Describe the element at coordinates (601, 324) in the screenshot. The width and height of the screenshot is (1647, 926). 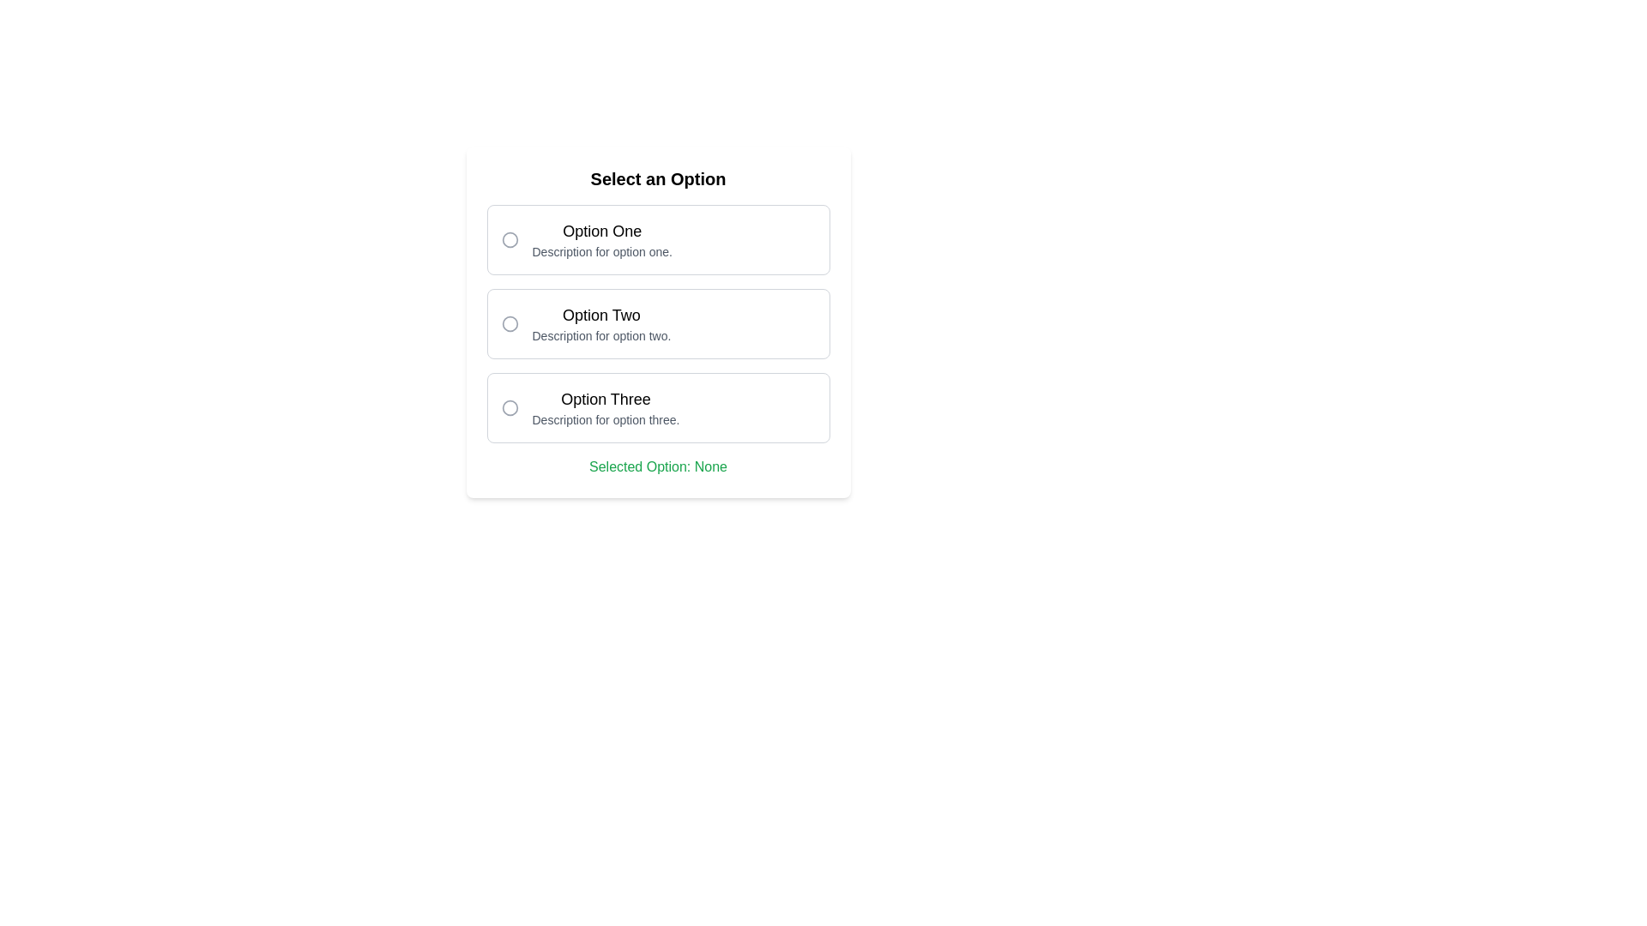
I see `the 'Option Two' text label, which is the second choice in a vertical list of options, displaying 'Option Two' in bold followed by its description` at that location.